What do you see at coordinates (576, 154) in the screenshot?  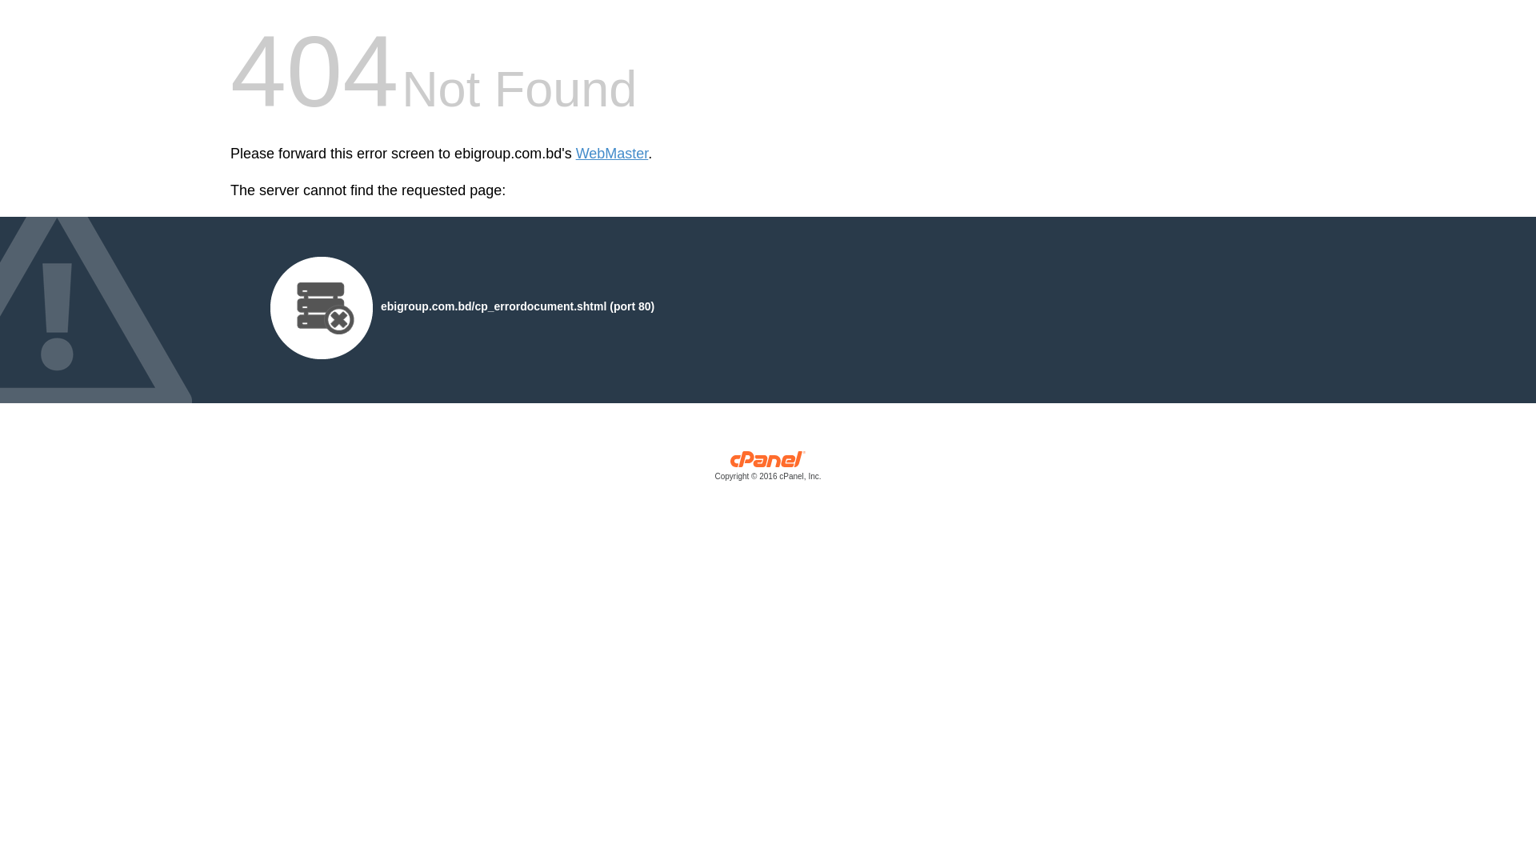 I see `'WebMaster'` at bounding box center [576, 154].